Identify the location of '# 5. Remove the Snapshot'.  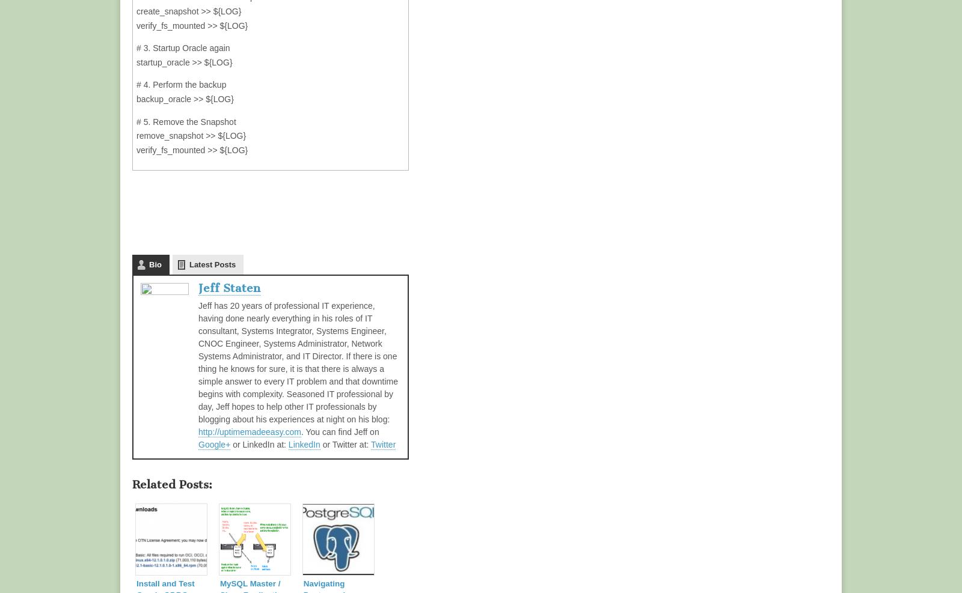
(186, 121).